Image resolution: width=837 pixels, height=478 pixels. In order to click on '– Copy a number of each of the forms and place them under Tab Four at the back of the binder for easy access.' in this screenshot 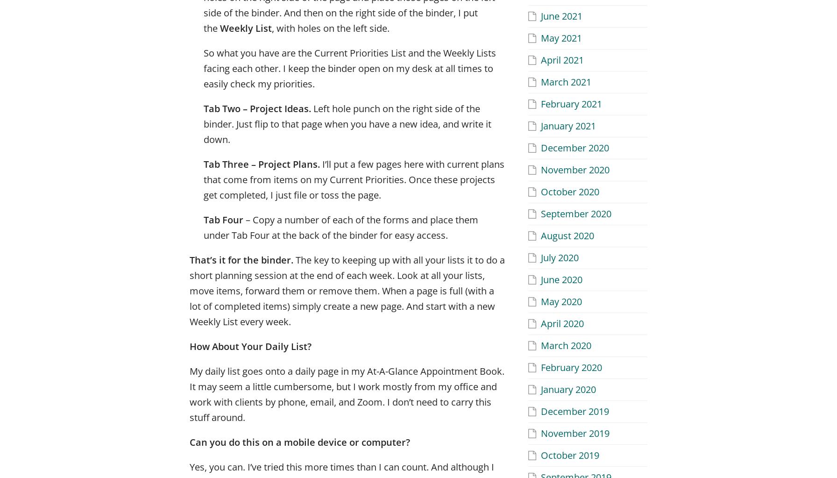, I will do `click(341, 227)`.